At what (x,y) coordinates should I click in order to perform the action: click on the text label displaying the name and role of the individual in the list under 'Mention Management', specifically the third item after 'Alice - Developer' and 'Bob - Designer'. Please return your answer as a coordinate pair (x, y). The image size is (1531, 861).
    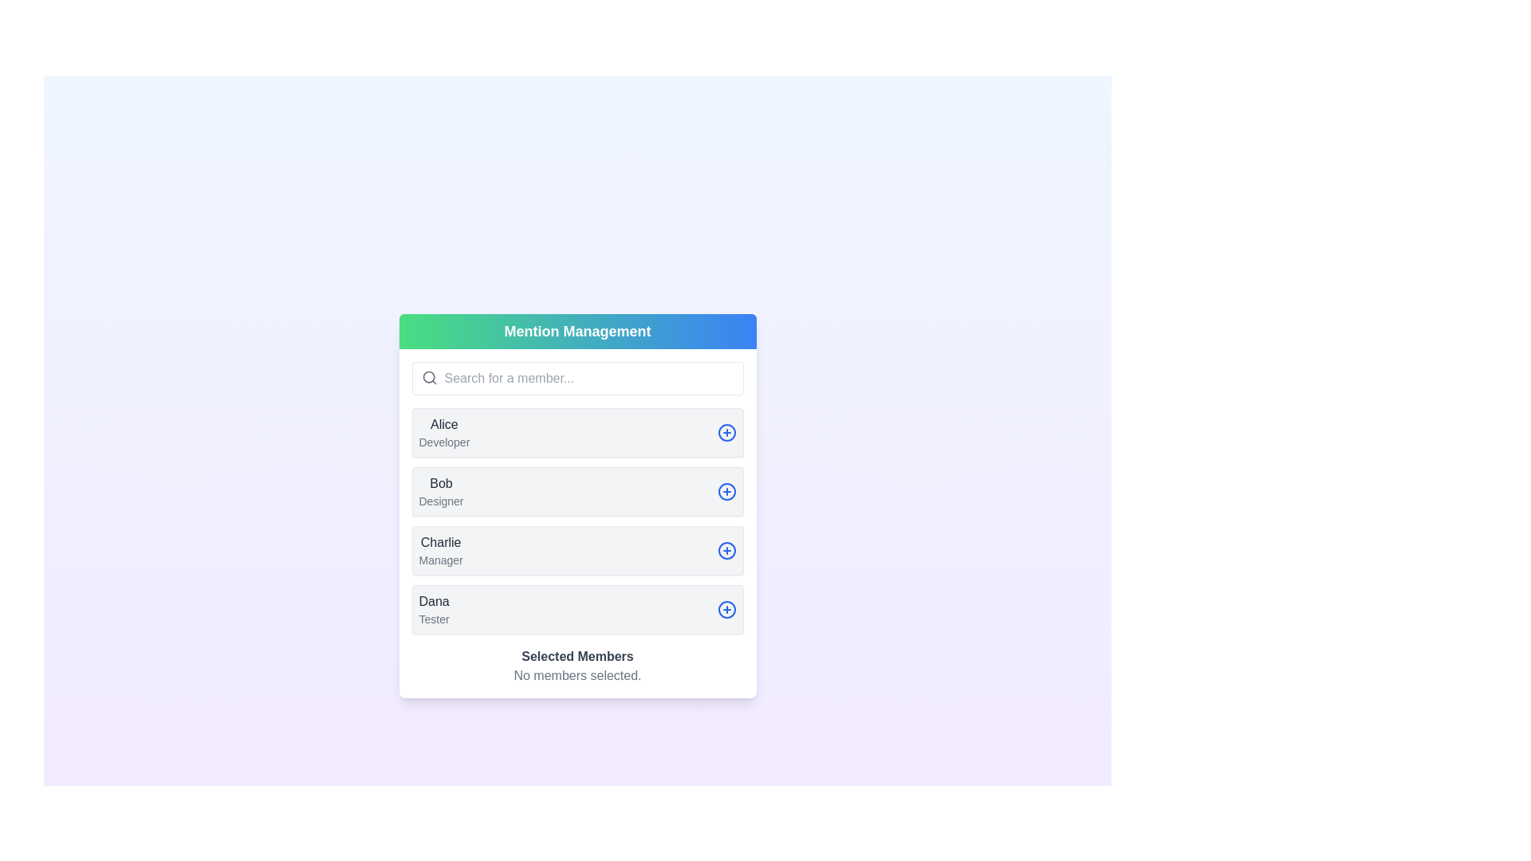
    Looking at the image, I should click on (441, 549).